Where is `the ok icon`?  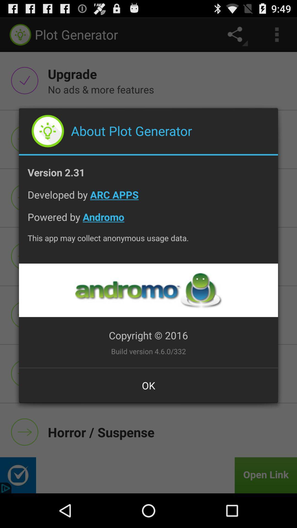 the ok icon is located at coordinates (148, 385).